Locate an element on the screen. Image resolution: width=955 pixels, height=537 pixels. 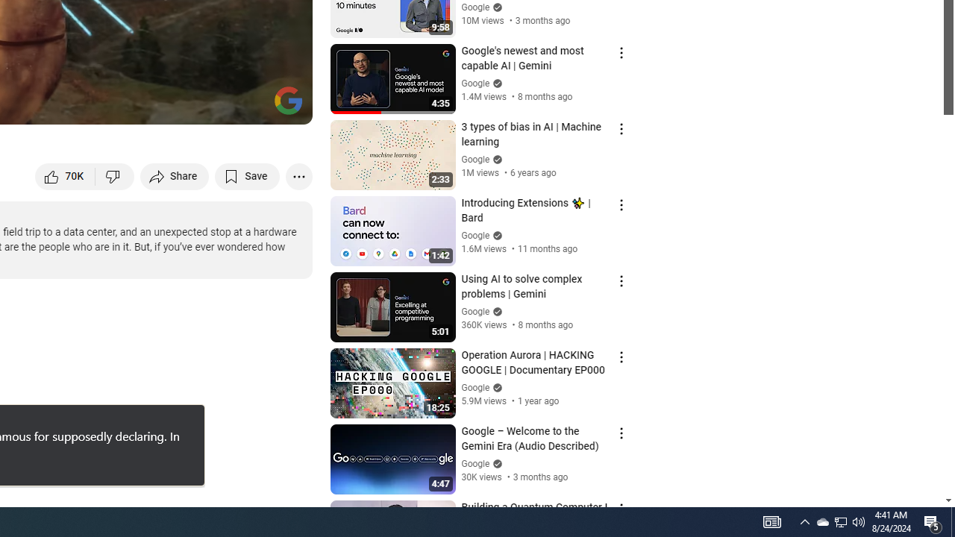
'Save to playlist' is located at coordinates (247, 175).